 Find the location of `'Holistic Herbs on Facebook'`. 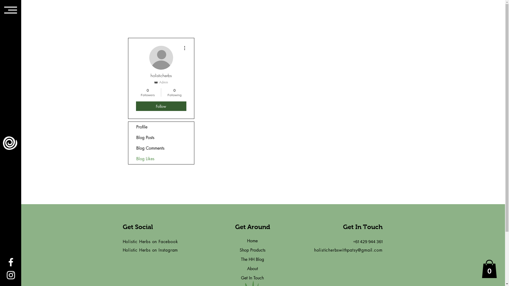

'Holistic Herbs on Facebook' is located at coordinates (150, 242).